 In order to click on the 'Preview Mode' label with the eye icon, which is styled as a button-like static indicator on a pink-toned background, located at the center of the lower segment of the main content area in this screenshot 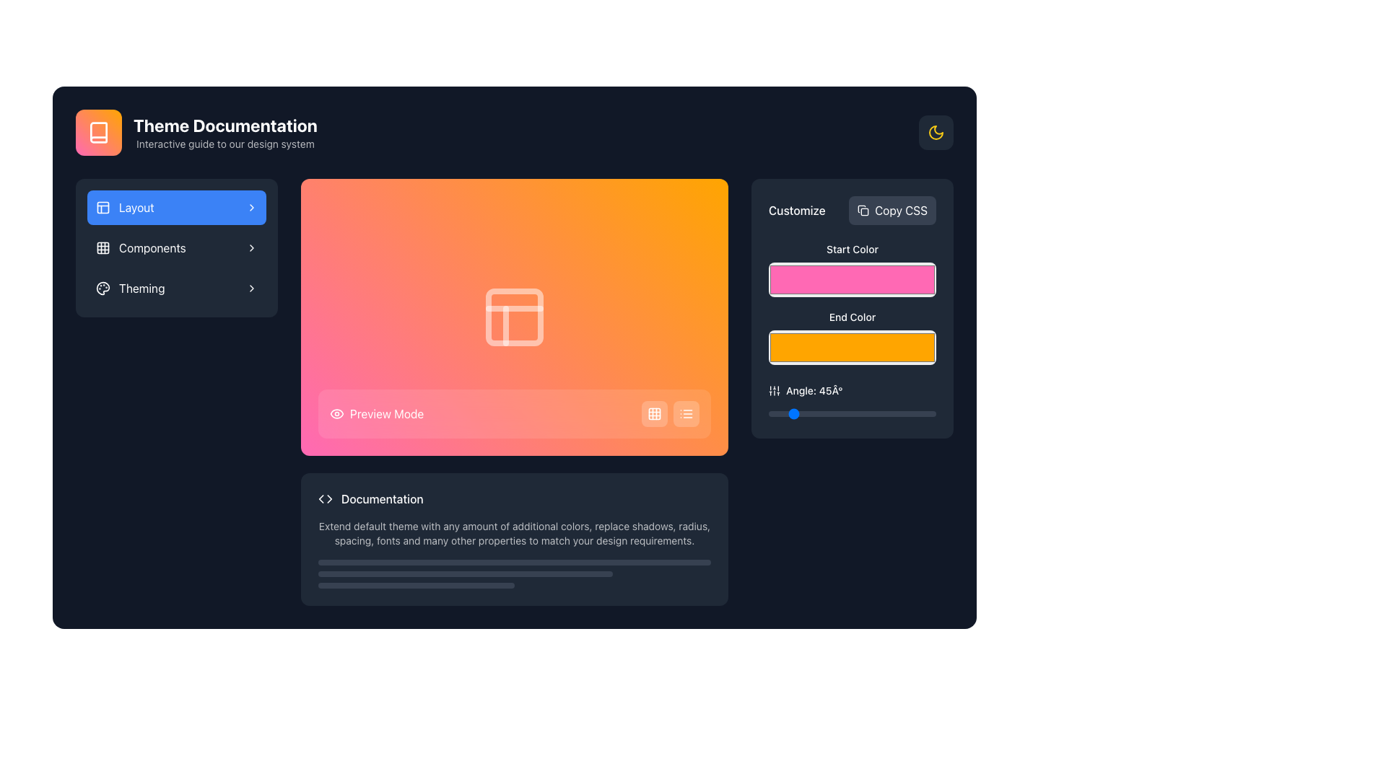, I will do `click(377, 414)`.